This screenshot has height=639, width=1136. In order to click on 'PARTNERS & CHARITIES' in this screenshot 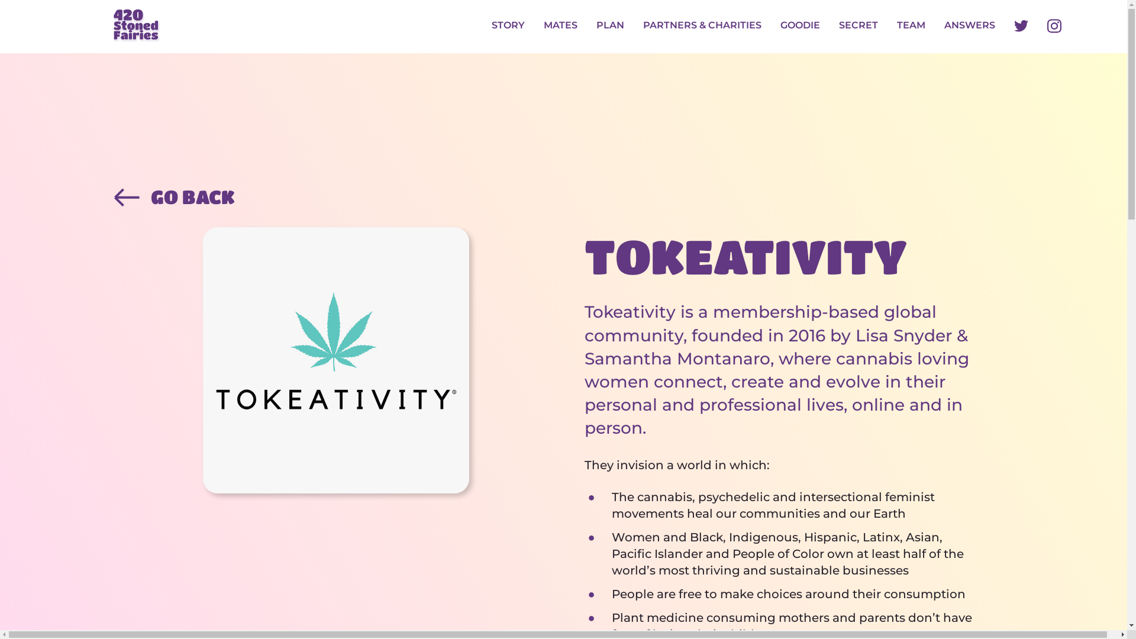, I will do `click(702, 26)`.